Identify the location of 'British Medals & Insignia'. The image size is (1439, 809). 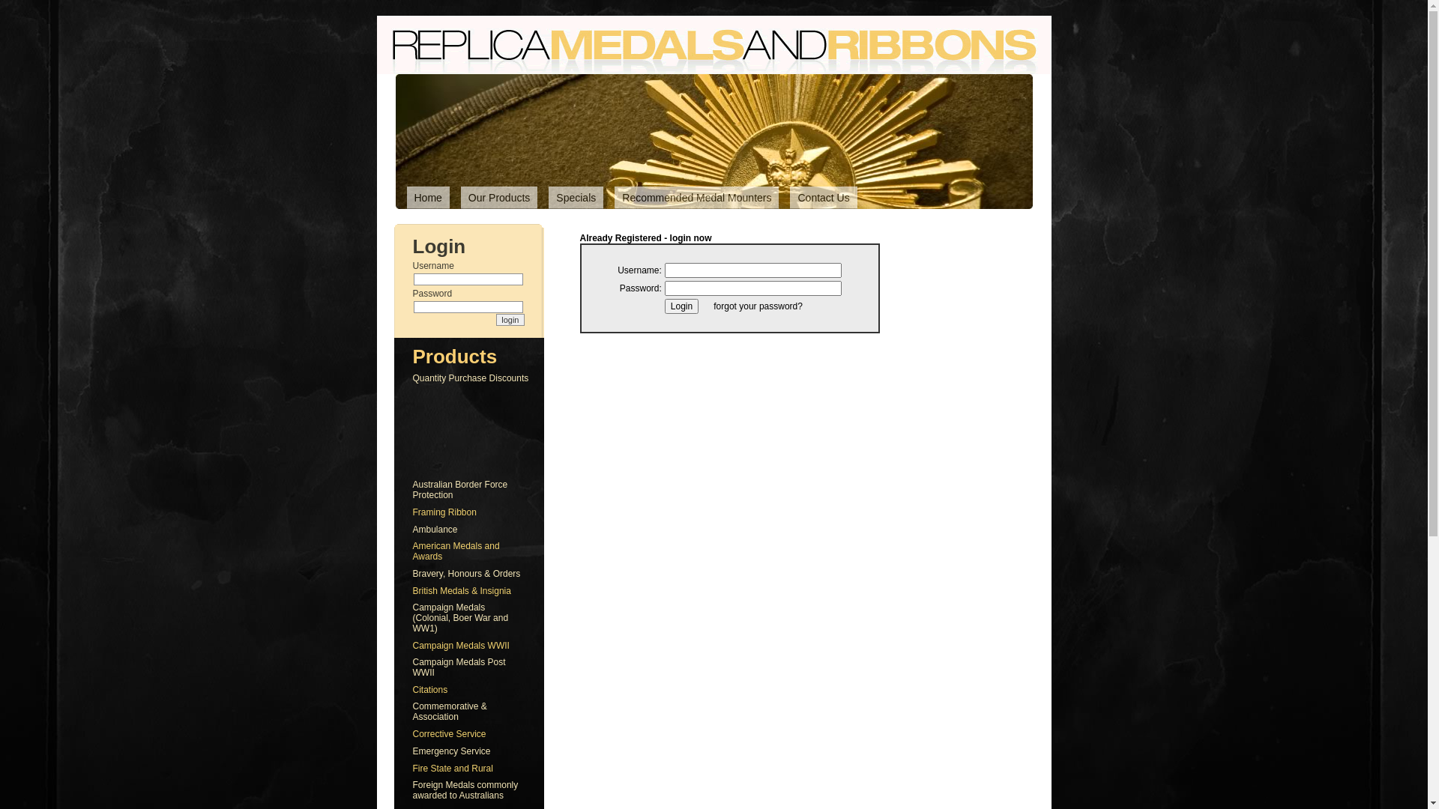
(460, 590).